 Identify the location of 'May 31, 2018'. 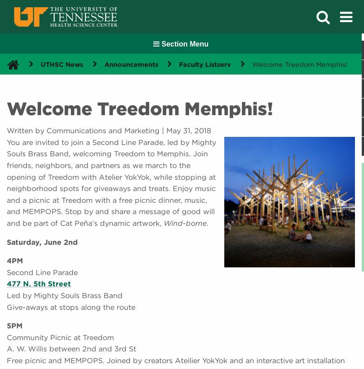
(188, 131).